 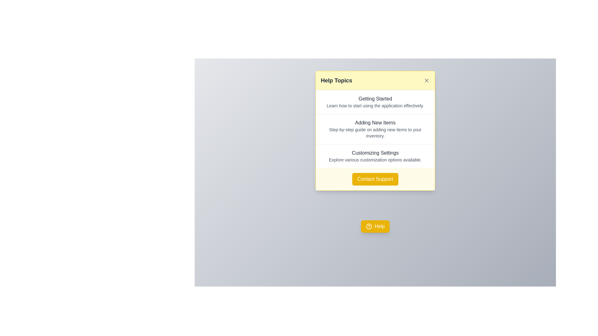 What do you see at coordinates (375, 128) in the screenshot?
I see `the informational text block that provides guidance for adding new items to inventory, located within the 'Help Topics' box, positioned below 'Getting Started' and above 'Customizing Settings'` at bounding box center [375, 128].